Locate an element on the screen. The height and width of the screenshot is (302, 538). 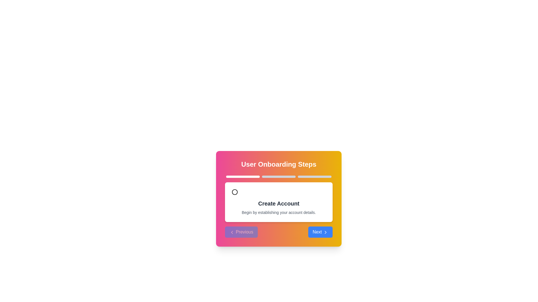
the first progress indicator segment in the onboarding process, which is located just below the 'User Onboarding Steps' heading is located at coordinates (243, 177).